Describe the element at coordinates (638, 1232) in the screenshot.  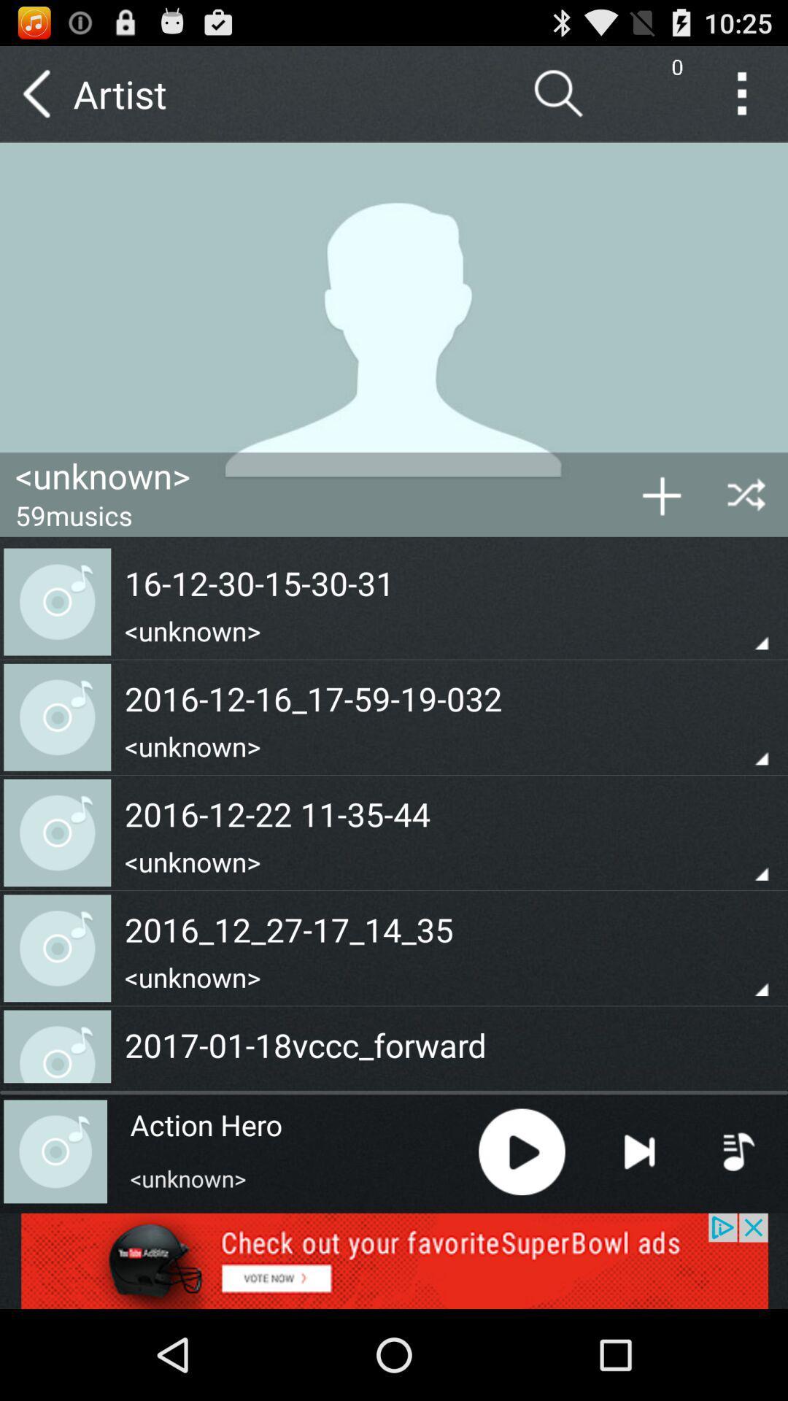
I see `the skip_next icon` at that location.